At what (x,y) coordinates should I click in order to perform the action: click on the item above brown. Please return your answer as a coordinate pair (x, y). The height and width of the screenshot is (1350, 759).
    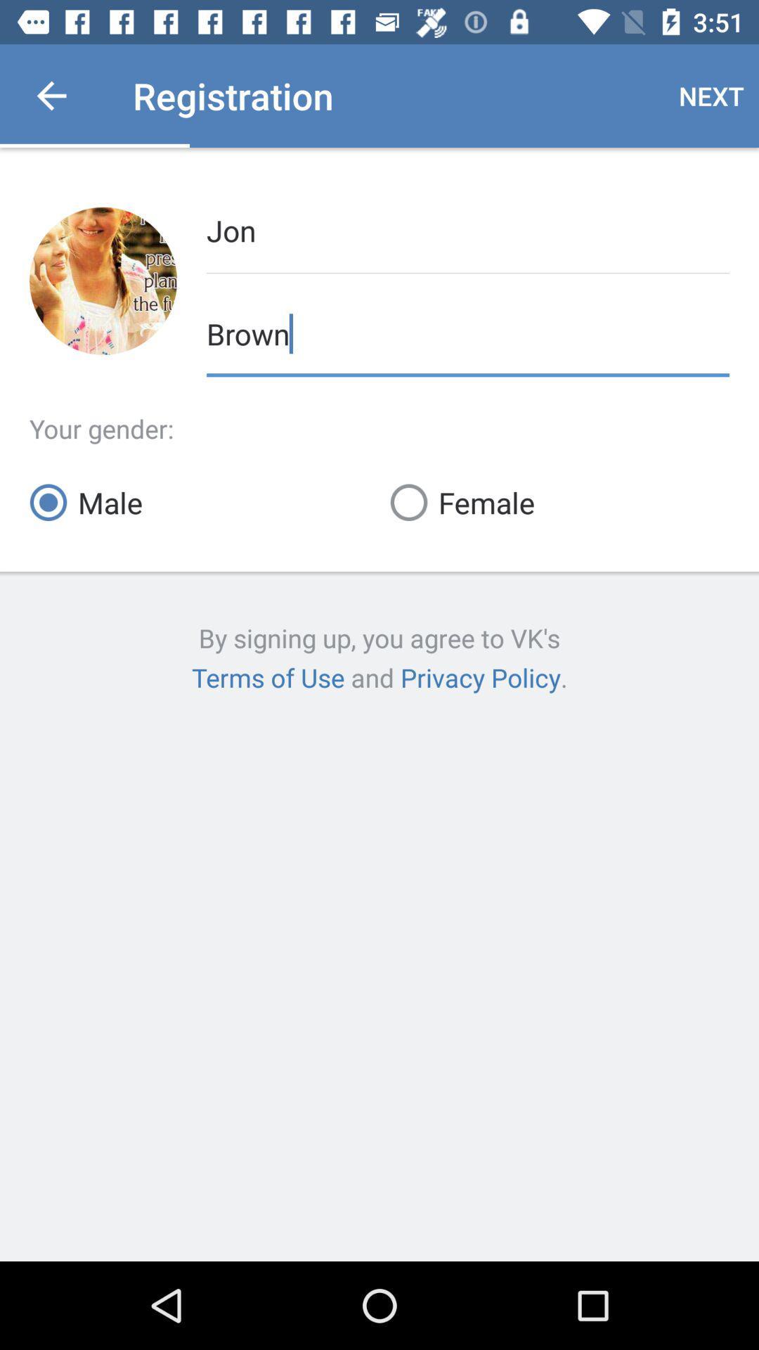
    Looking at the image, I should click on (468, 229).